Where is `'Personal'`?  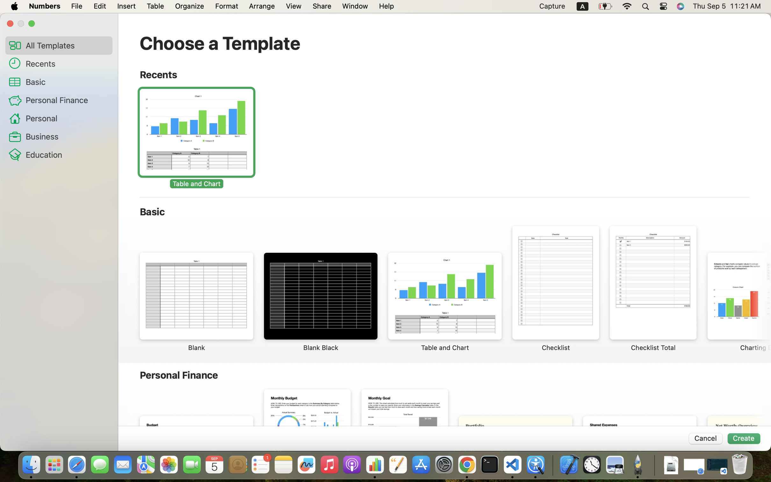
'Personal' is located at coordinates (66, 118).